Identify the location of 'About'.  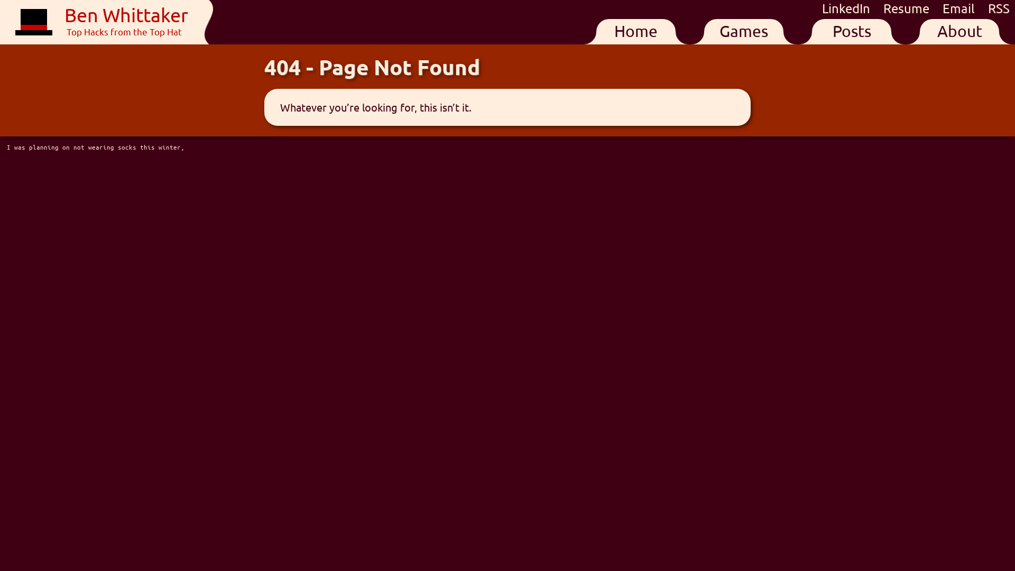
(959, 31).